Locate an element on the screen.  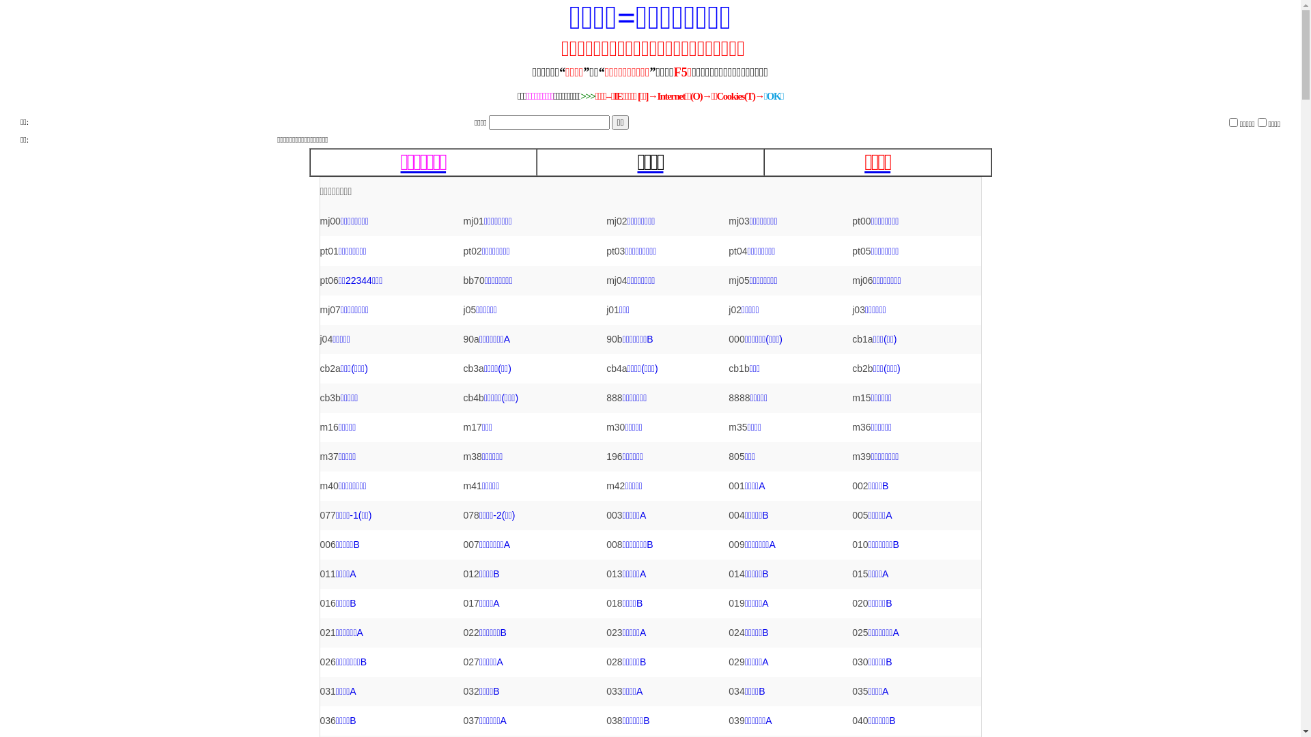
'm42' is located at coordinates (615, 485).